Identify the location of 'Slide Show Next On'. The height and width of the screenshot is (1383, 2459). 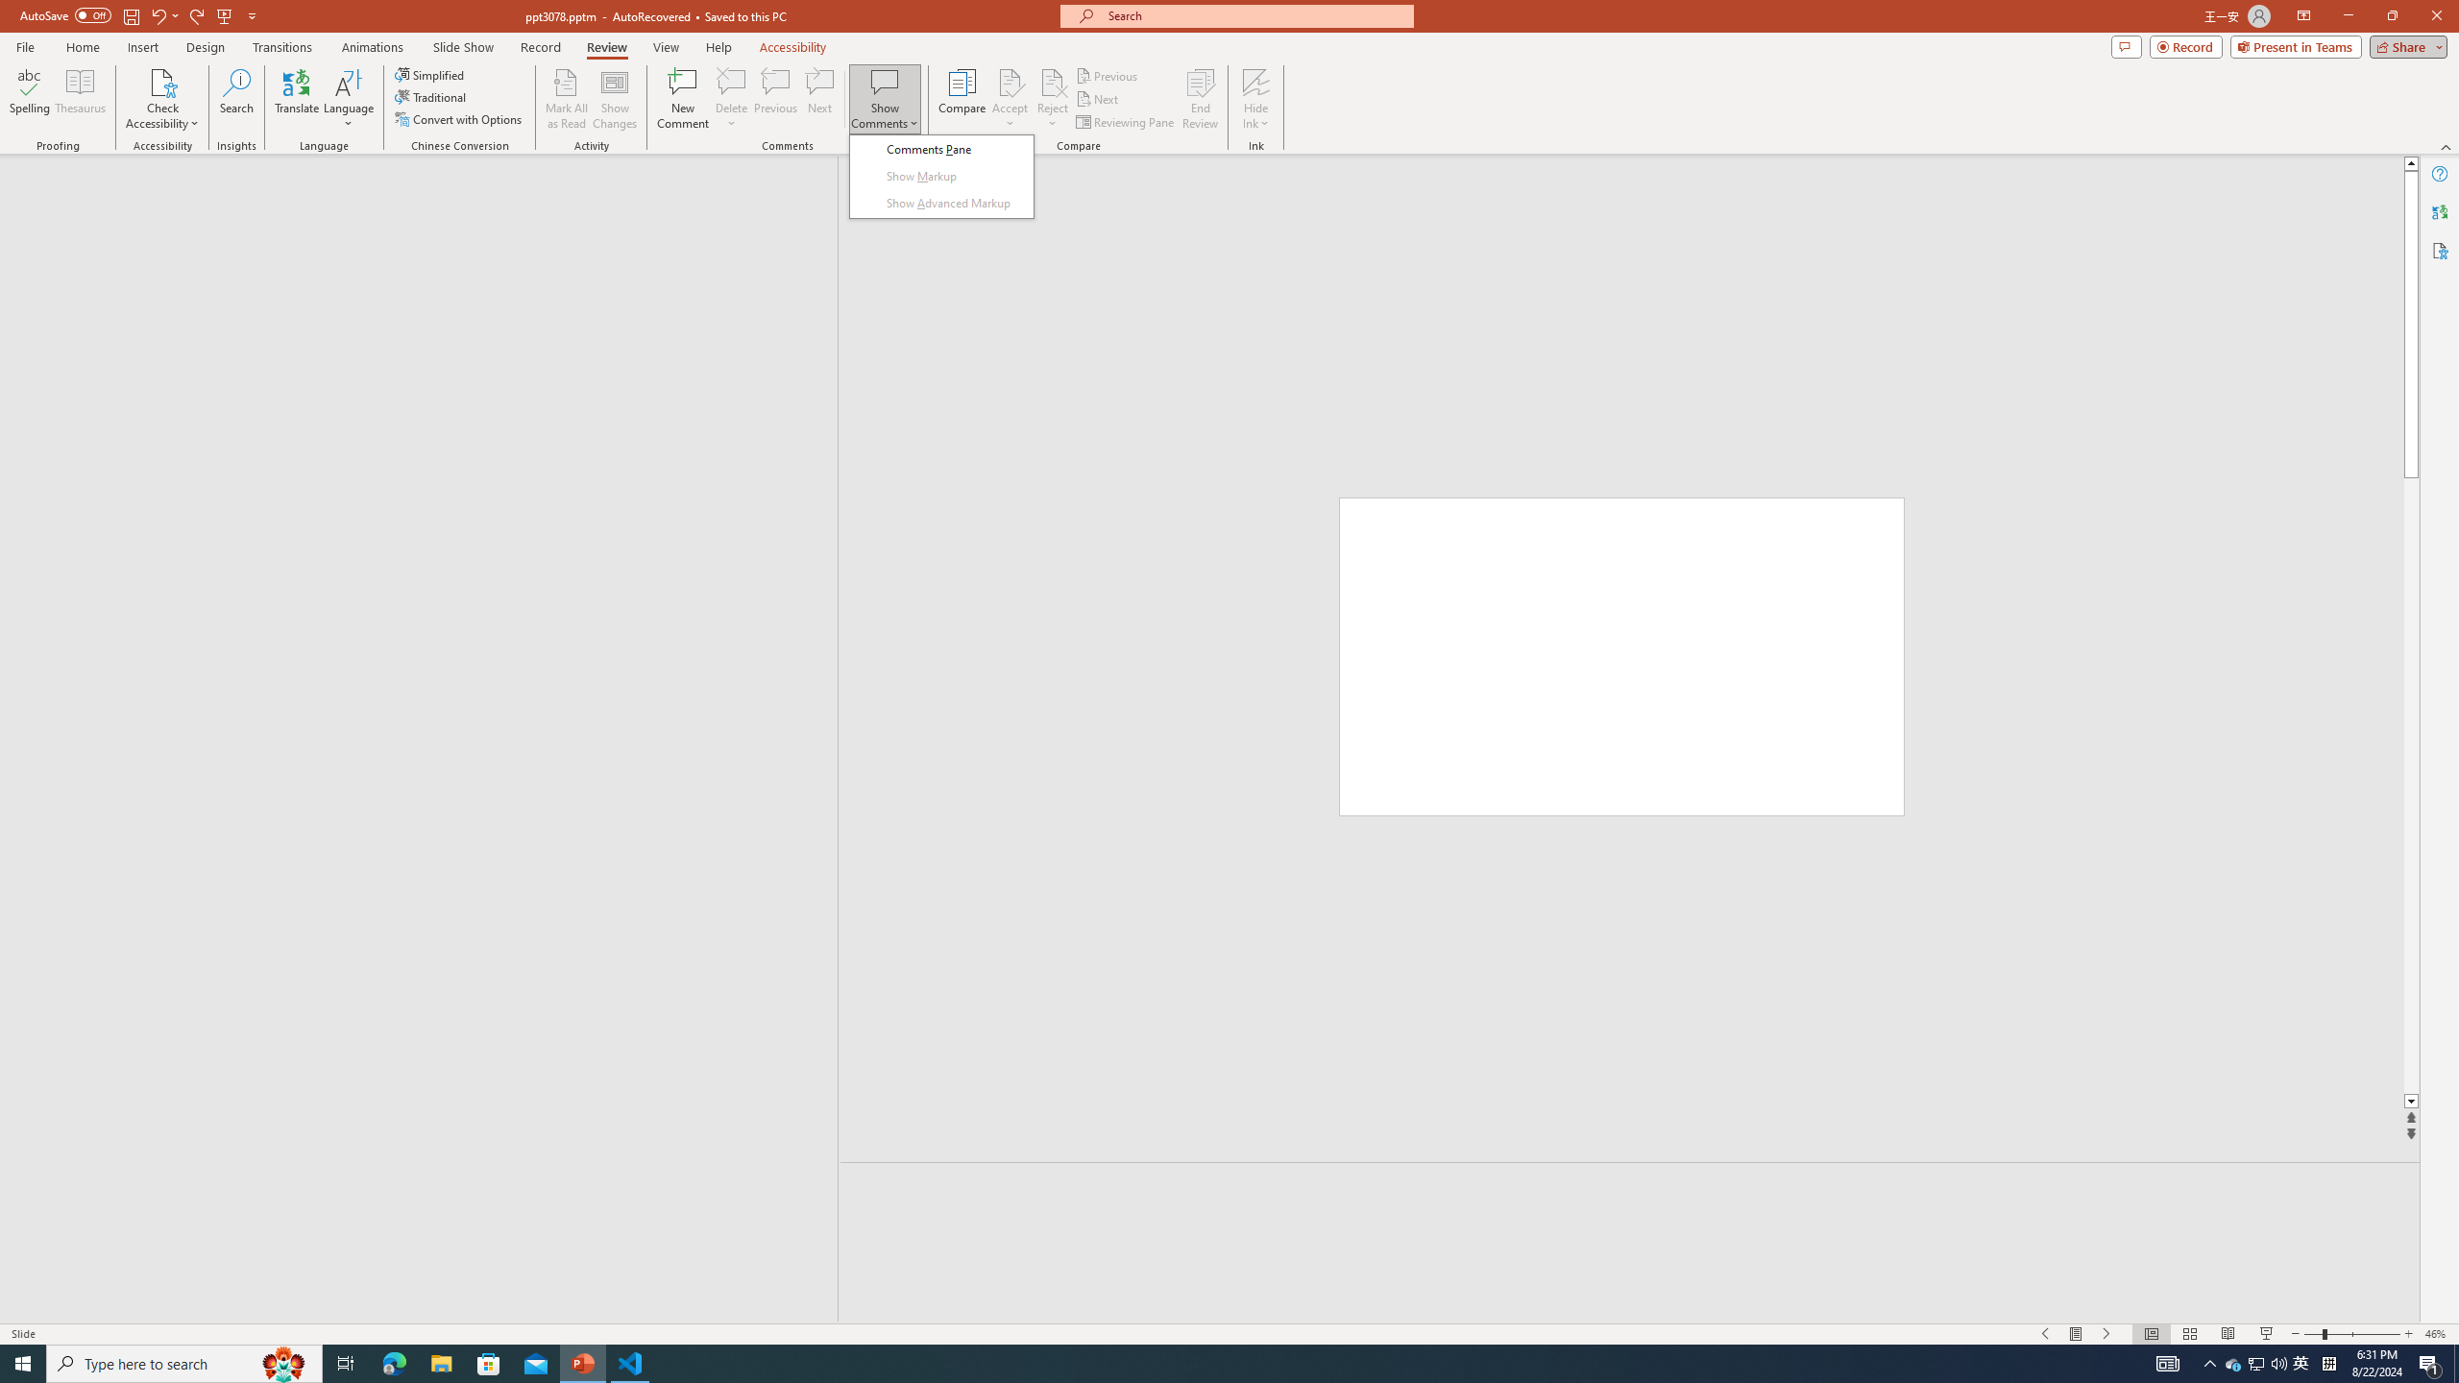
(2106, 1334).